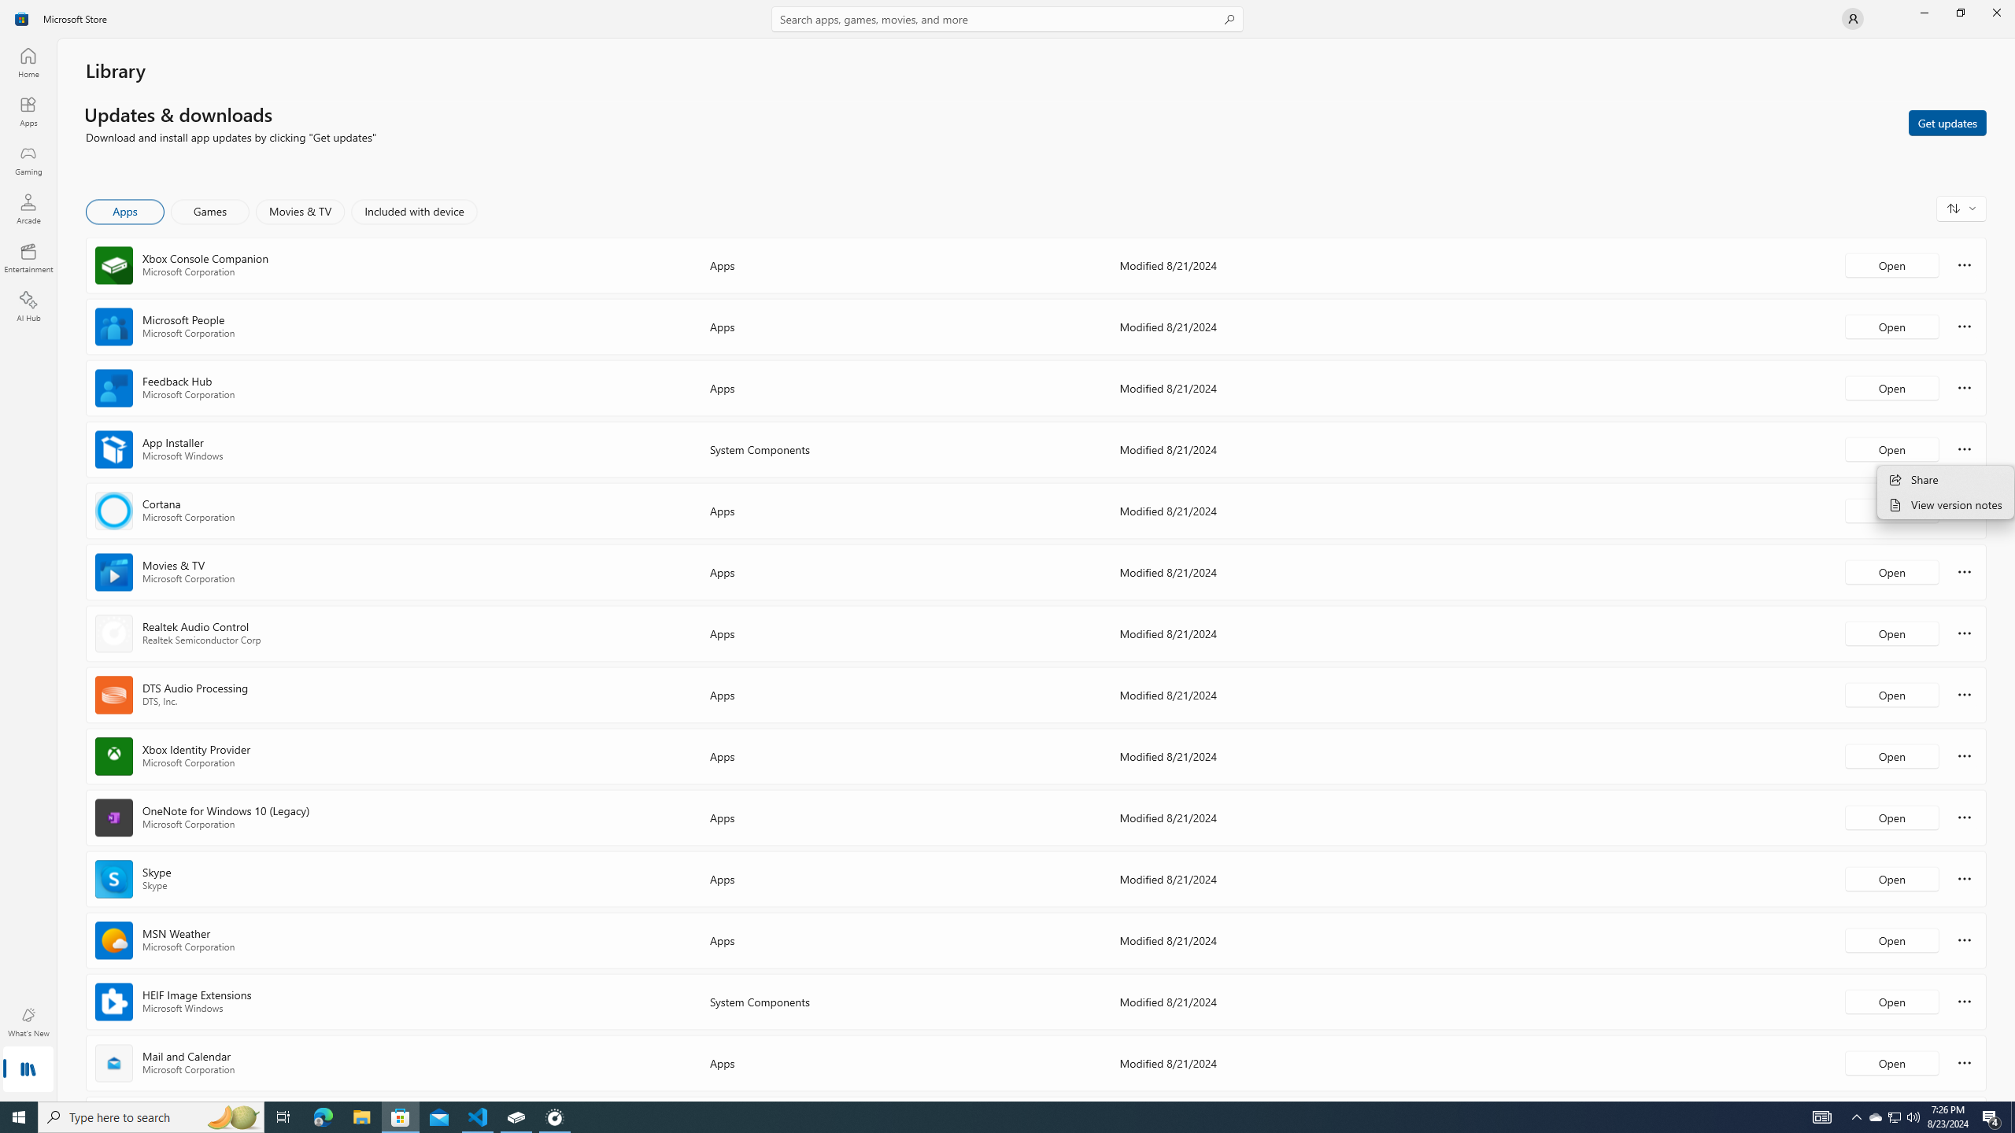 This screenshot has width=2015, height=1133. What do you see at coordinates (1964, 1061) in the screenshot?
I see `'More options'` at bounding box center [1964, 1061].